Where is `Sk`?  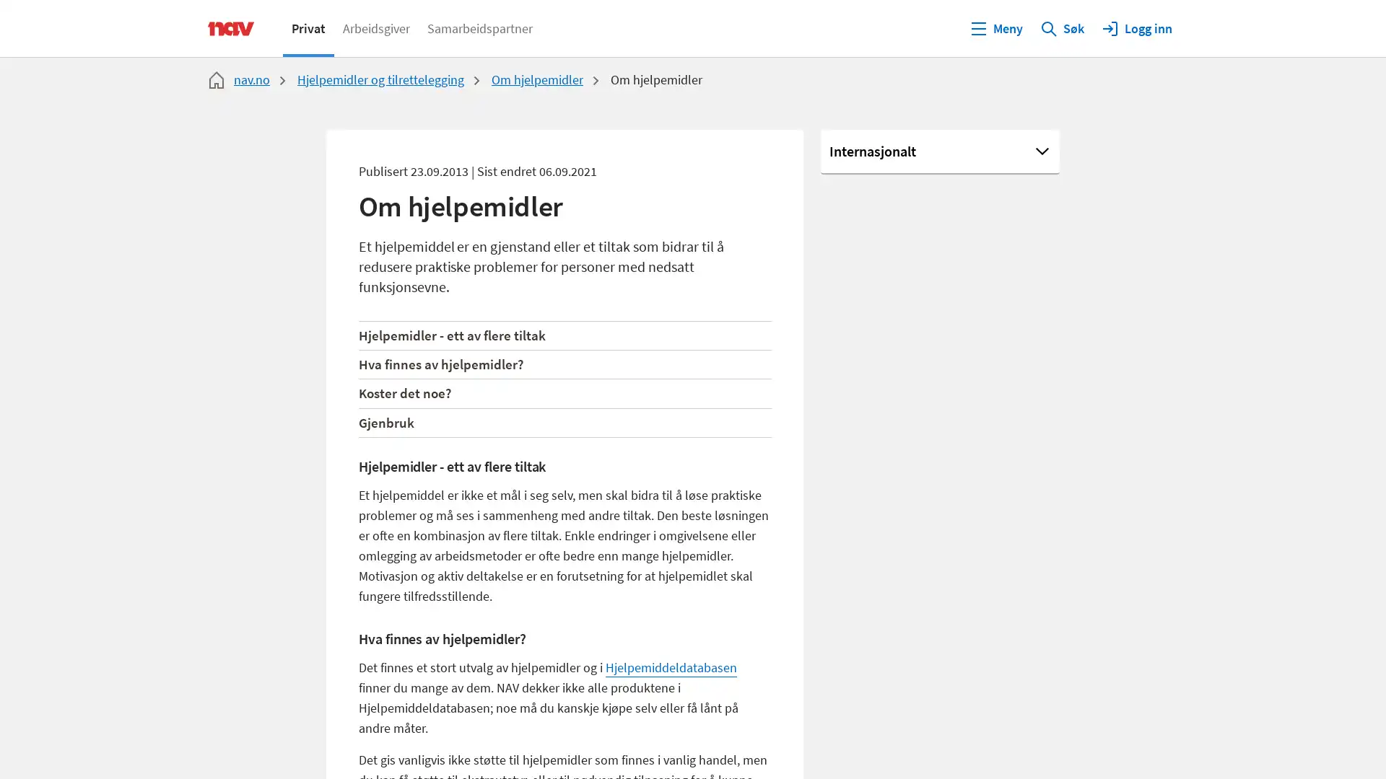 Sk is located at coordinates (1062, 27).